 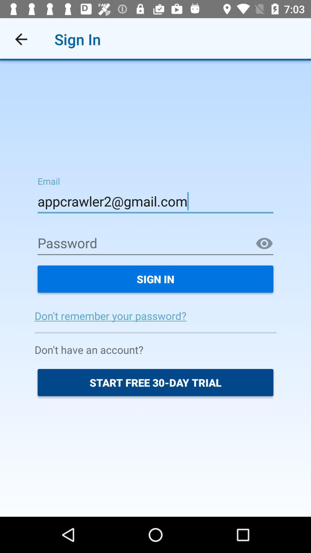 What do you see at coordinates (155, 244) in the screenshot?
I see `password box` at bounding box center [155, 244].